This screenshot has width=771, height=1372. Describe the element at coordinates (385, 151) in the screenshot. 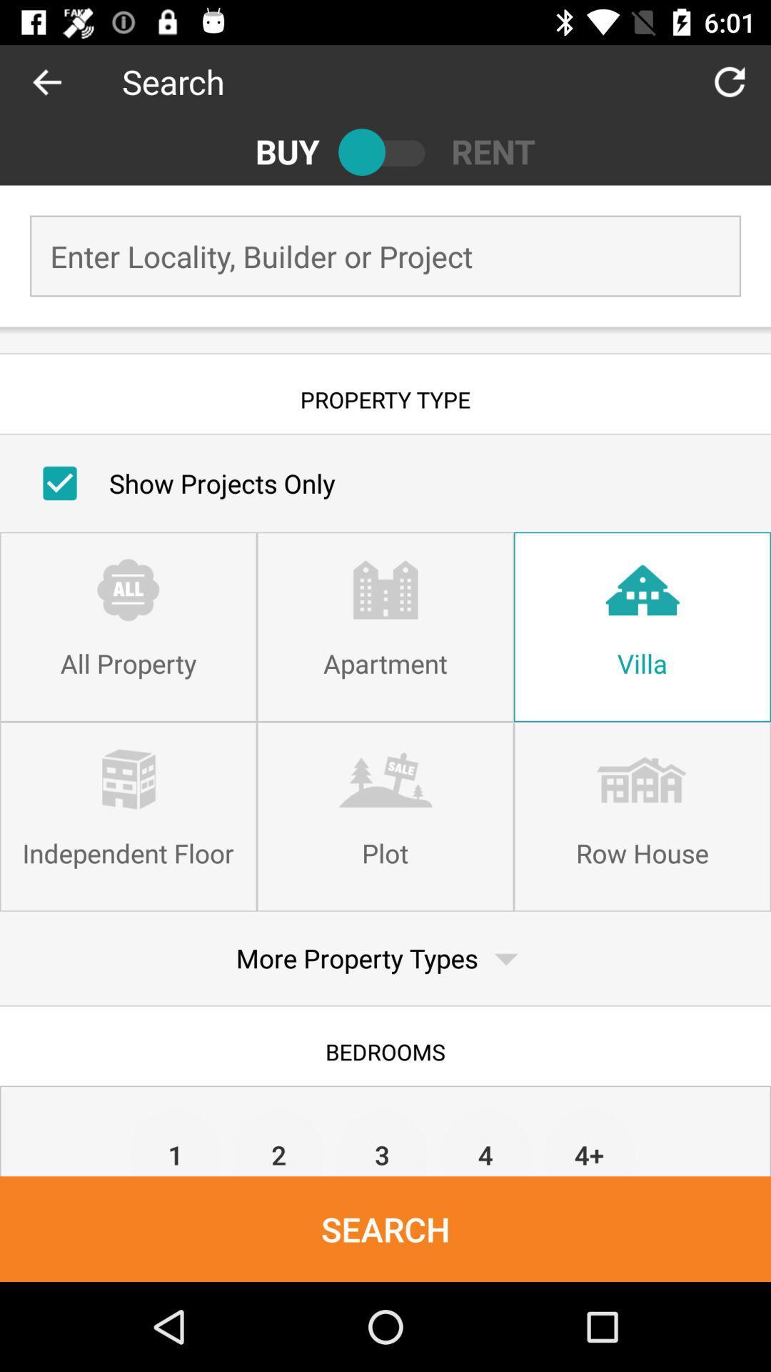

I see `choose buy or rent` at that location.